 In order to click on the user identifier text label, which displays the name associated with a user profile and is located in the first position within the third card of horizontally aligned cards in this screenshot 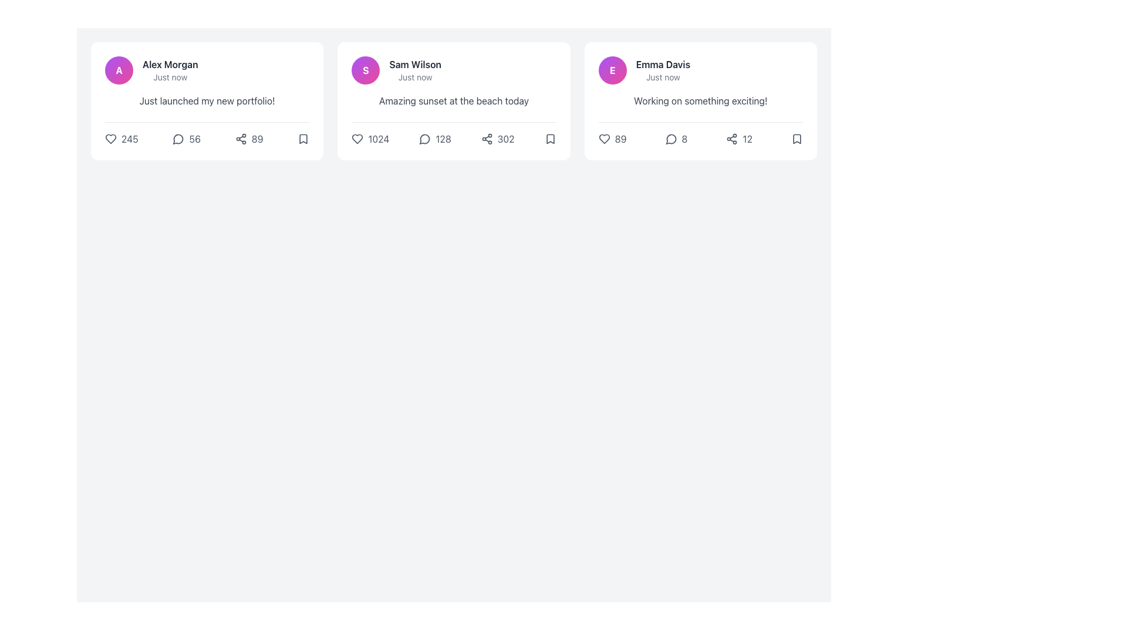, I will do `click(663, 65)`.